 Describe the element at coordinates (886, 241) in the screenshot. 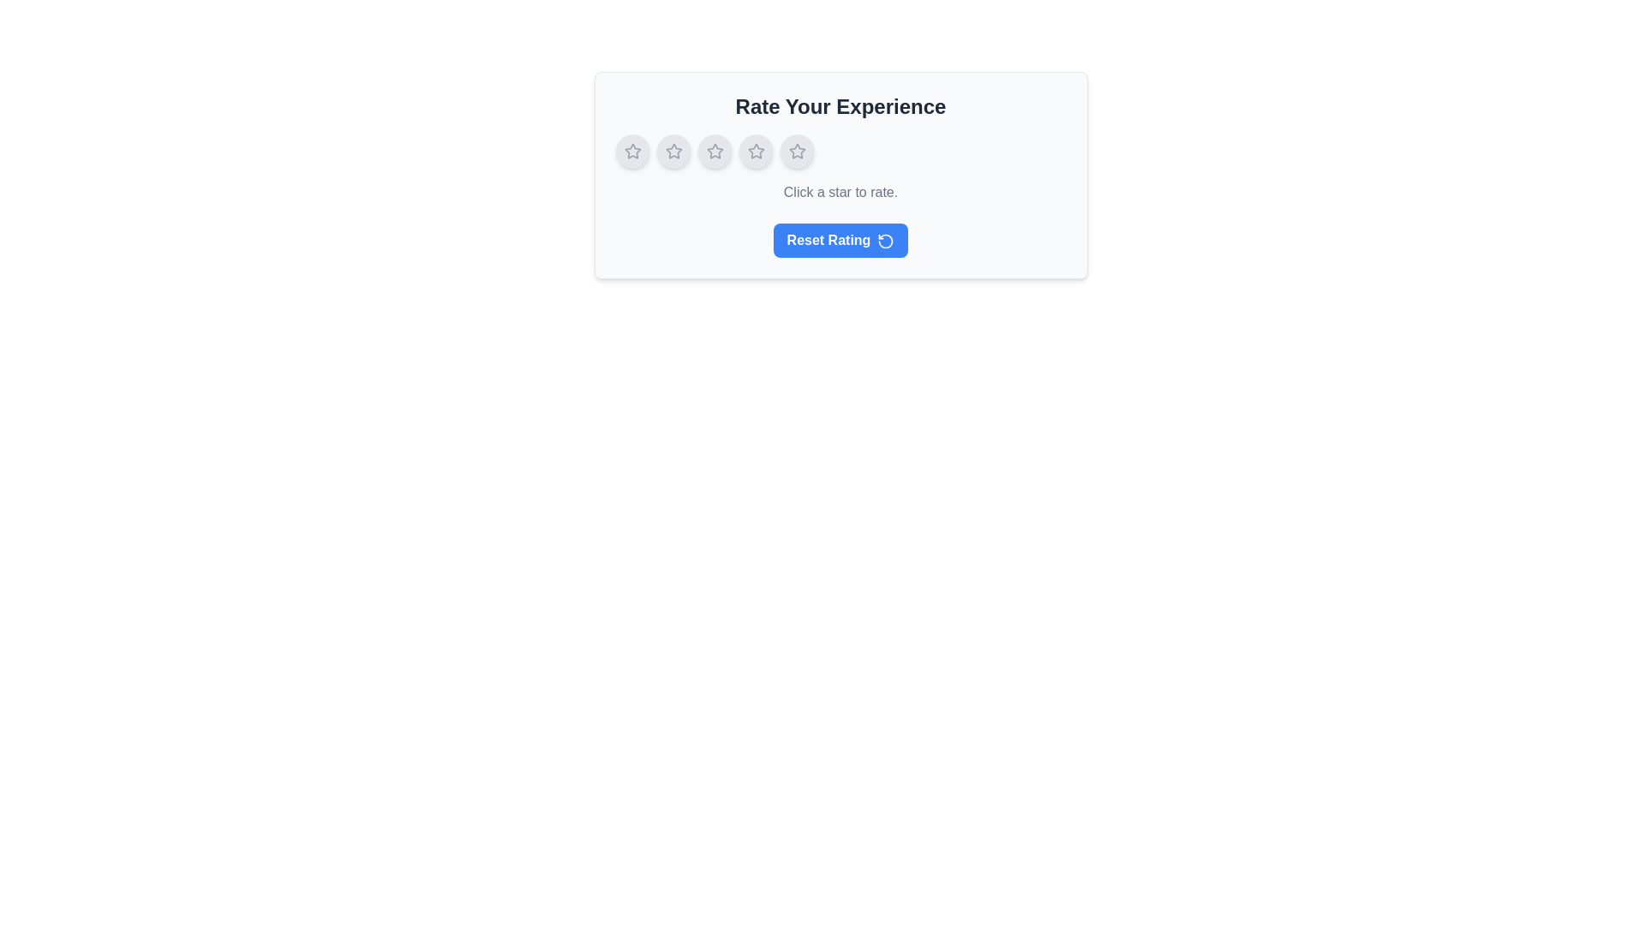

I see `the reset functionality icon located within the 'Reset Rating' button underneath the star rating component` at that location.